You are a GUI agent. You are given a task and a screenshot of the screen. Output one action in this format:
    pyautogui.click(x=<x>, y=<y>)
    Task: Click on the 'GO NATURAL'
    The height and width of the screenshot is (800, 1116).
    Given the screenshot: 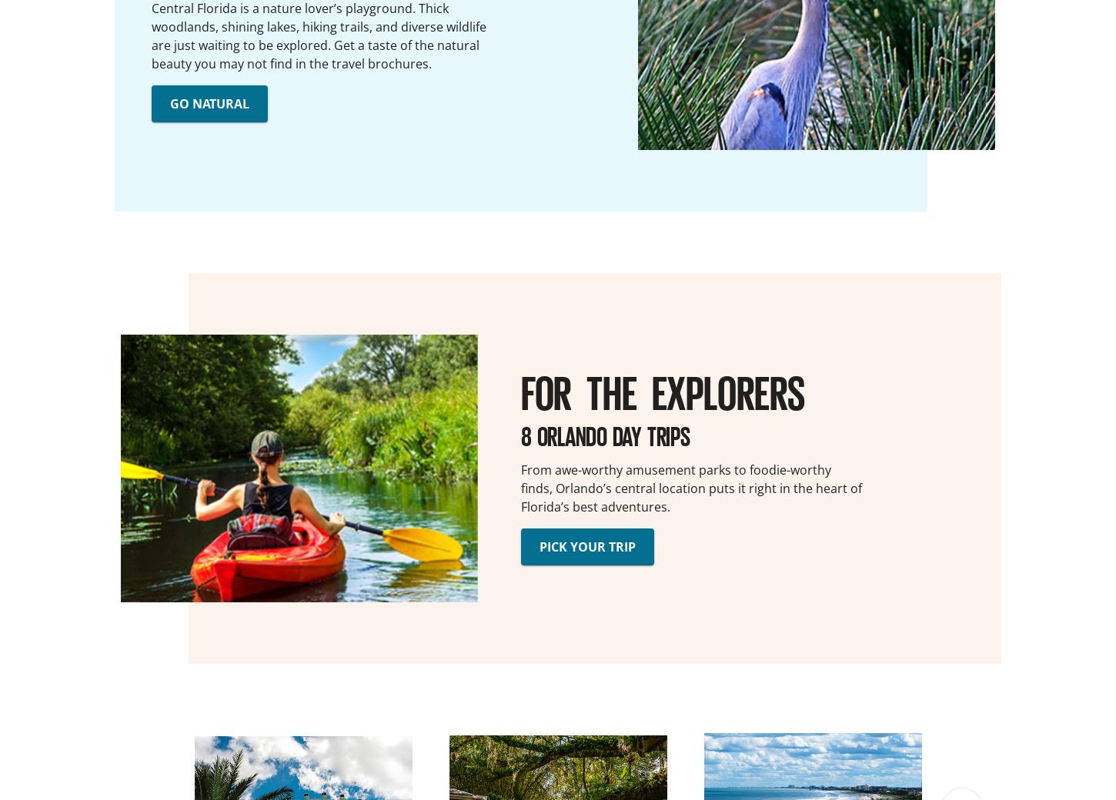 What is the action you would take?
    pyautogui.click(x=209, y=102)
    